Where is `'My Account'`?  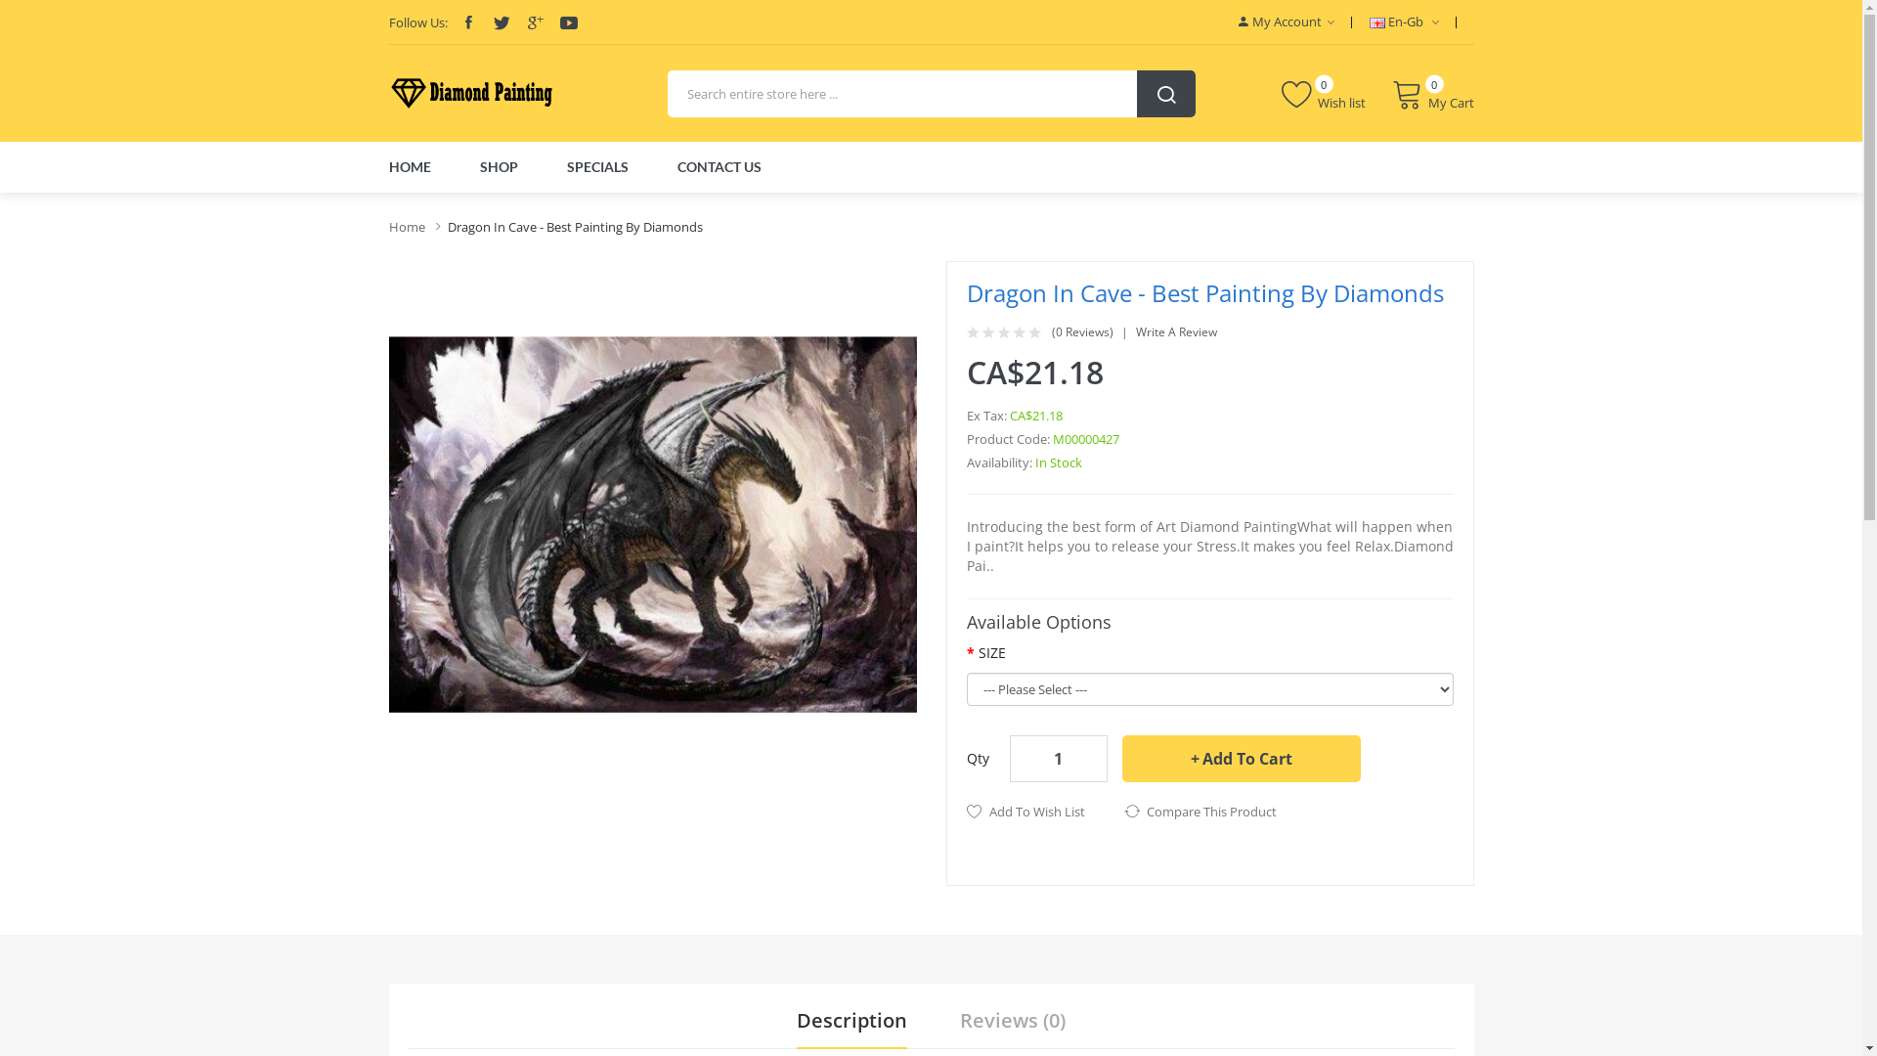 'My Account' is located at coordinates (1286, 22).